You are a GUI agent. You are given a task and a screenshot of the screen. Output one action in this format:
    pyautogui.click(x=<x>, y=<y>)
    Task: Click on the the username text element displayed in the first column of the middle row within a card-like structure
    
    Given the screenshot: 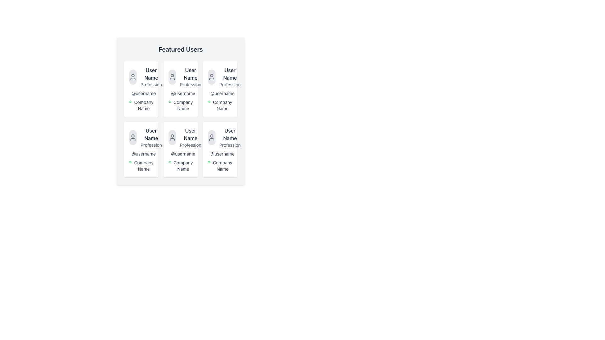 What is the action you would take?
    pyautogui.click(x=141, y=93)
    